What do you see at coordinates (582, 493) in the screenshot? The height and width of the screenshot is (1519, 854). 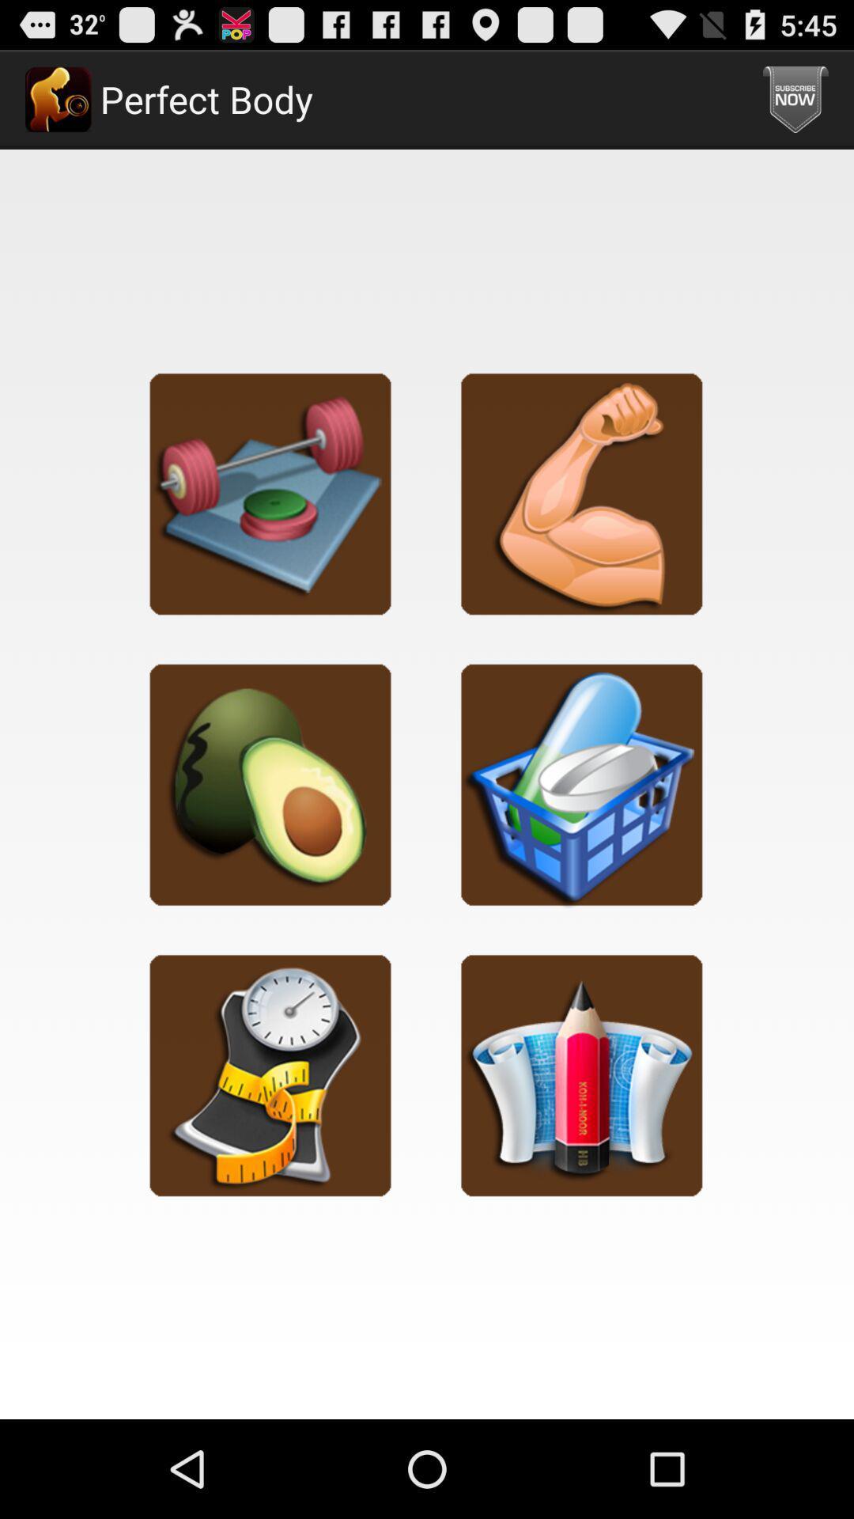 I see `muscle` at bounding box center [582, 493].